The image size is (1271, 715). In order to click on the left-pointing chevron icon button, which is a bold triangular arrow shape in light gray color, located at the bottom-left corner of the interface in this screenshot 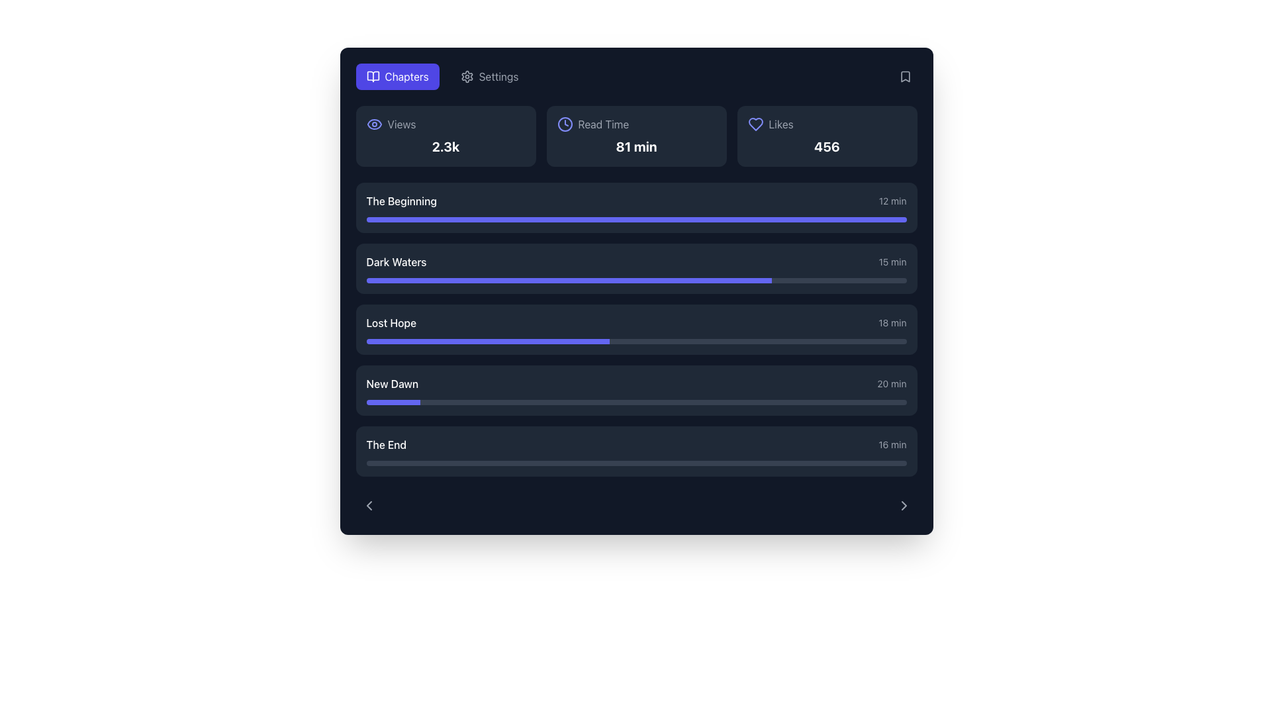, I will do `click(369, 505)`.